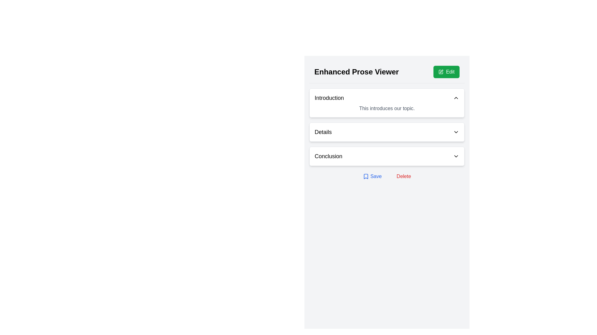 This screenshot has height=335, width=597. What do you see at coordinates (323, 132) in the screenshot?
I see `the 'Details' text label, which is styled in bold font and located in the middle section of the interface, positioned to the left of a downward-facing chevron icon` at bounding box center [323, 132].